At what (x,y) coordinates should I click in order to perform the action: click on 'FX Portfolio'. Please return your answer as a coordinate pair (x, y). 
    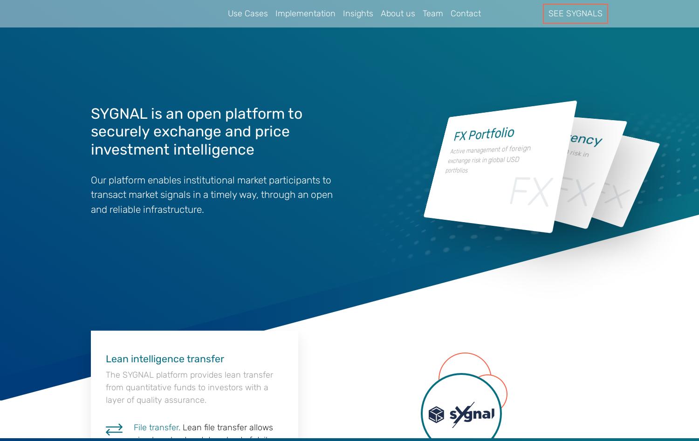
    Looking at the image, I should click on (452, 133).